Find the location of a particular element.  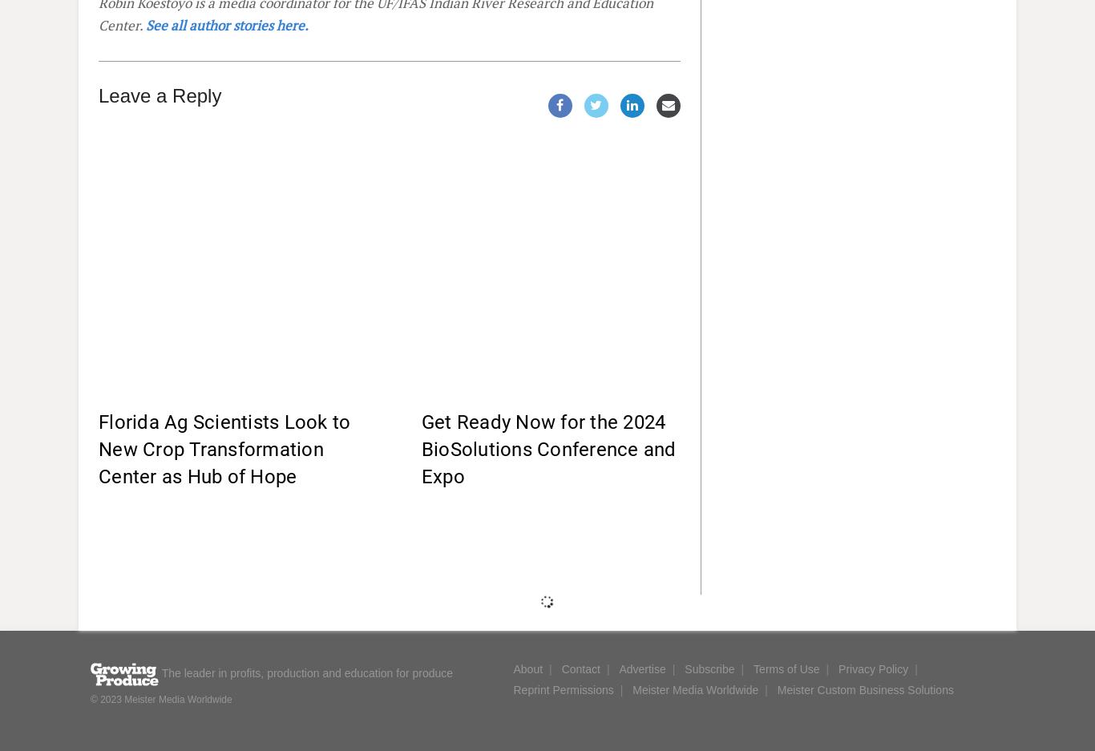

'Florida Ag Scientists Look to New Crop Transformation Center as Hub of Hope' is located at coordinates (224, 449).